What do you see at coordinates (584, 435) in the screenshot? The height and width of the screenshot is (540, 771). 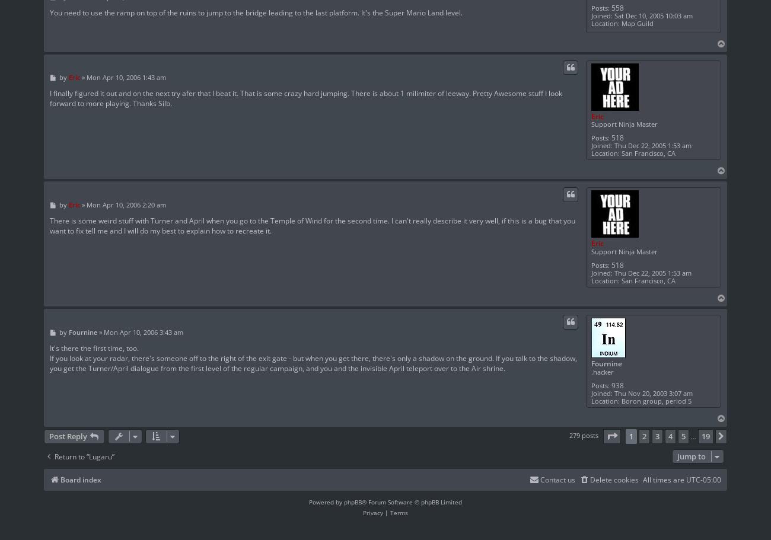 I see `'279 posts'` at bounding box center [584, 435].